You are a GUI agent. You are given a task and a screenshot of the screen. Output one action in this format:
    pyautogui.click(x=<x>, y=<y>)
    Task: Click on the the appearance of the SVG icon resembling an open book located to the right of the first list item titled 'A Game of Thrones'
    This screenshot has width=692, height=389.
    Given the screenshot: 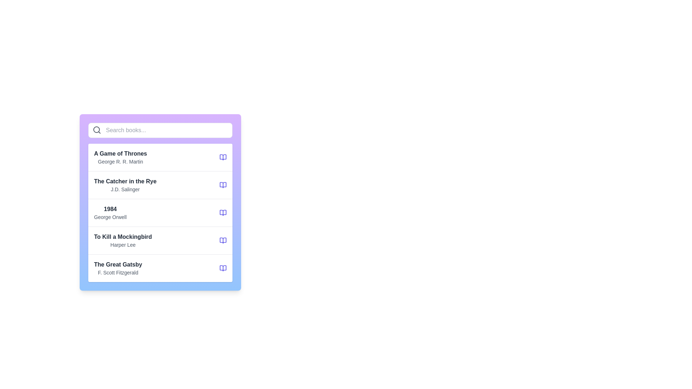 What is the action you would take?
    pyautogui.click(x=223, y=157)
    